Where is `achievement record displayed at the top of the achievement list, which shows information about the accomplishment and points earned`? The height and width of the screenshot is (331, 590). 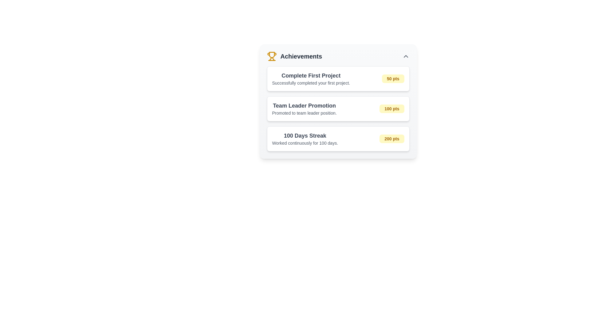
achievement record displayed at the top of the achievement list, which shows information about the accomplishment and points earned is located at coordinates (338, 78).